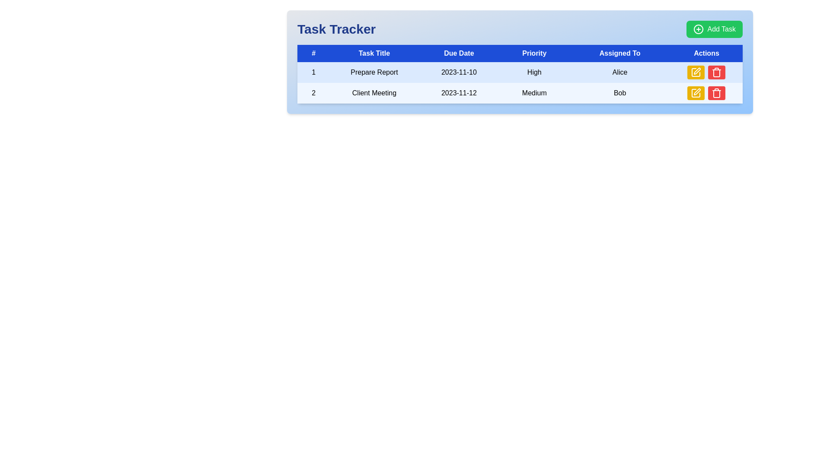 Image resolution: width=830 pixels, height=466 pixels. Describe the element at coordinates (717, 93) in the screenshot. I see `the red delete button with a trash can icon` at that location.